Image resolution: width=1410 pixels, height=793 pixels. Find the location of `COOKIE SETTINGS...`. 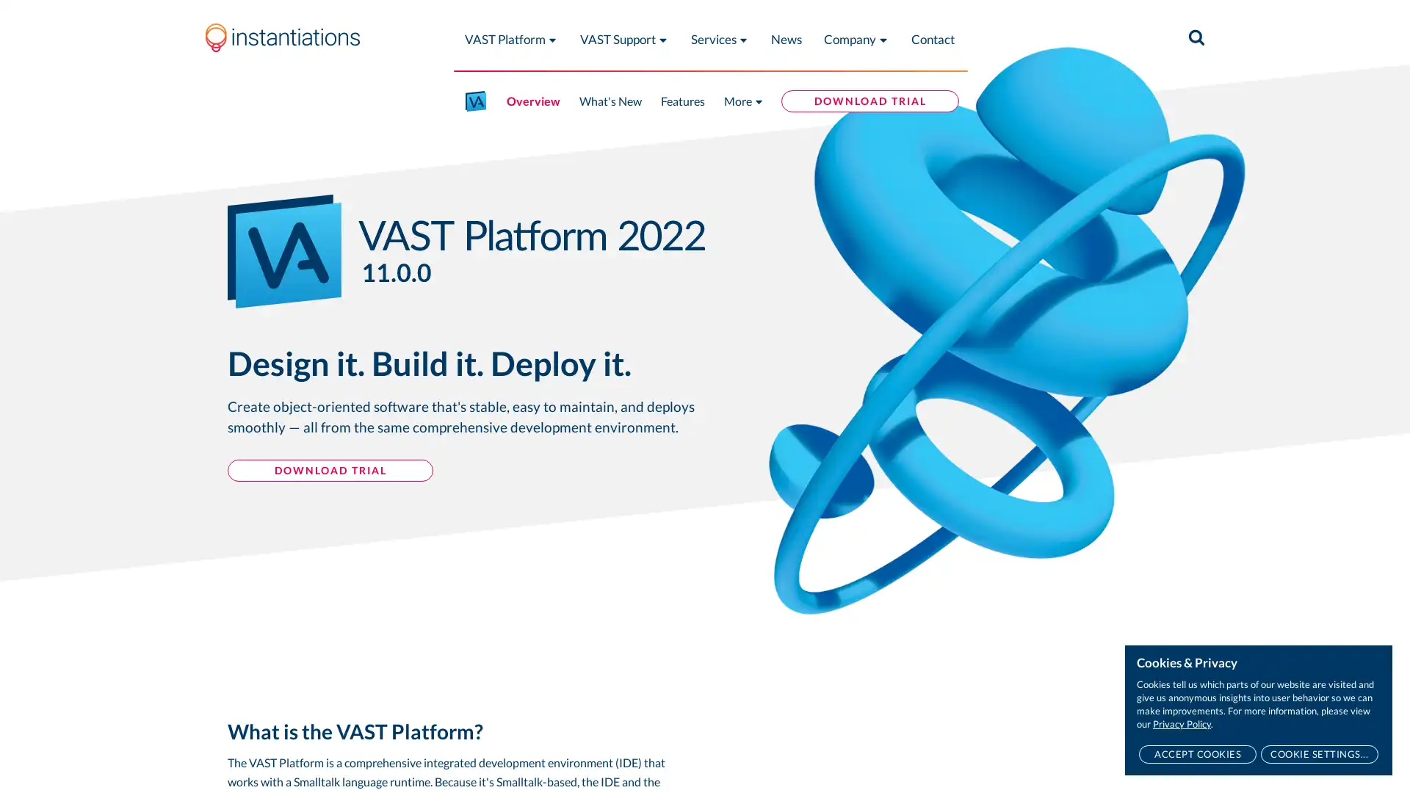

COOKIE SETTINGS... is located at coordinates (1319, 754).